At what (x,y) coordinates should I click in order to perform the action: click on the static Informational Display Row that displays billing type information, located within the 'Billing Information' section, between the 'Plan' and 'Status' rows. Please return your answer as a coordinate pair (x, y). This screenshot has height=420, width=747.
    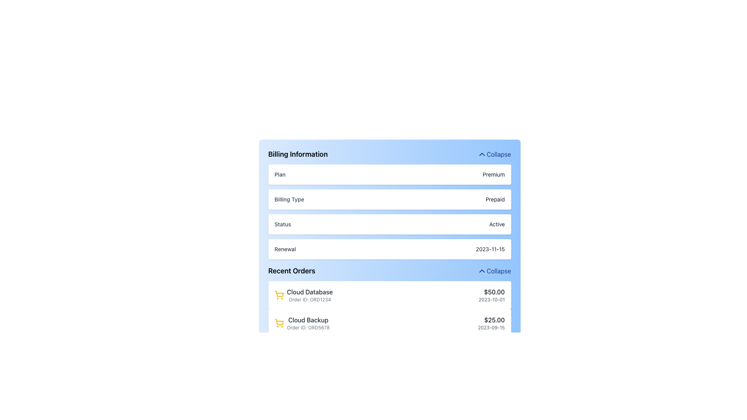
    Looking at the image, I should click on (389, 199).